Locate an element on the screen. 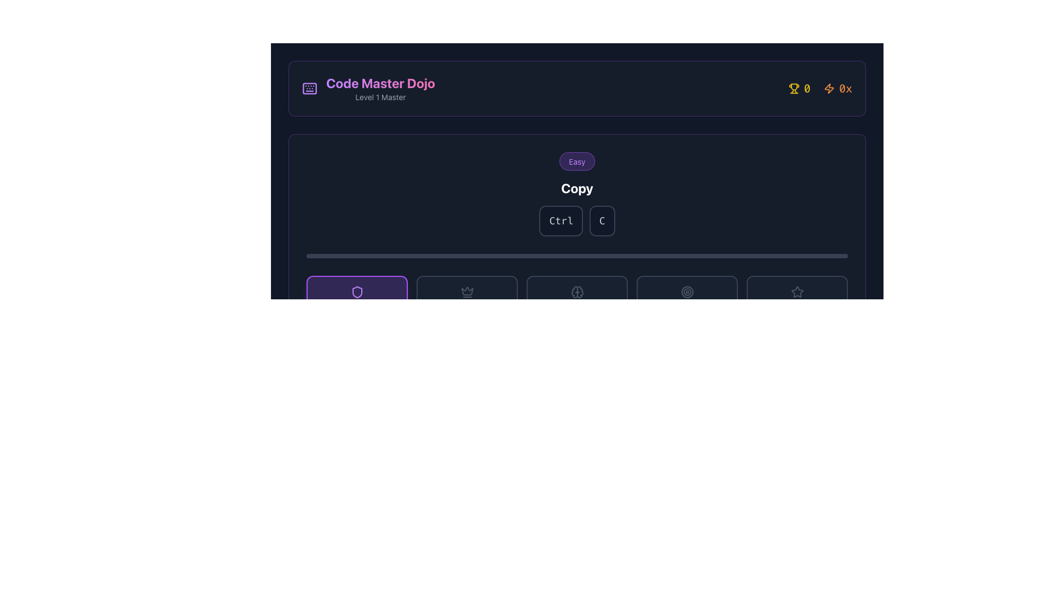  the electric-themed icon located in the top-right corner of the interface, next to the yellow trophy and red x icons is located at coordinates (829, 88).